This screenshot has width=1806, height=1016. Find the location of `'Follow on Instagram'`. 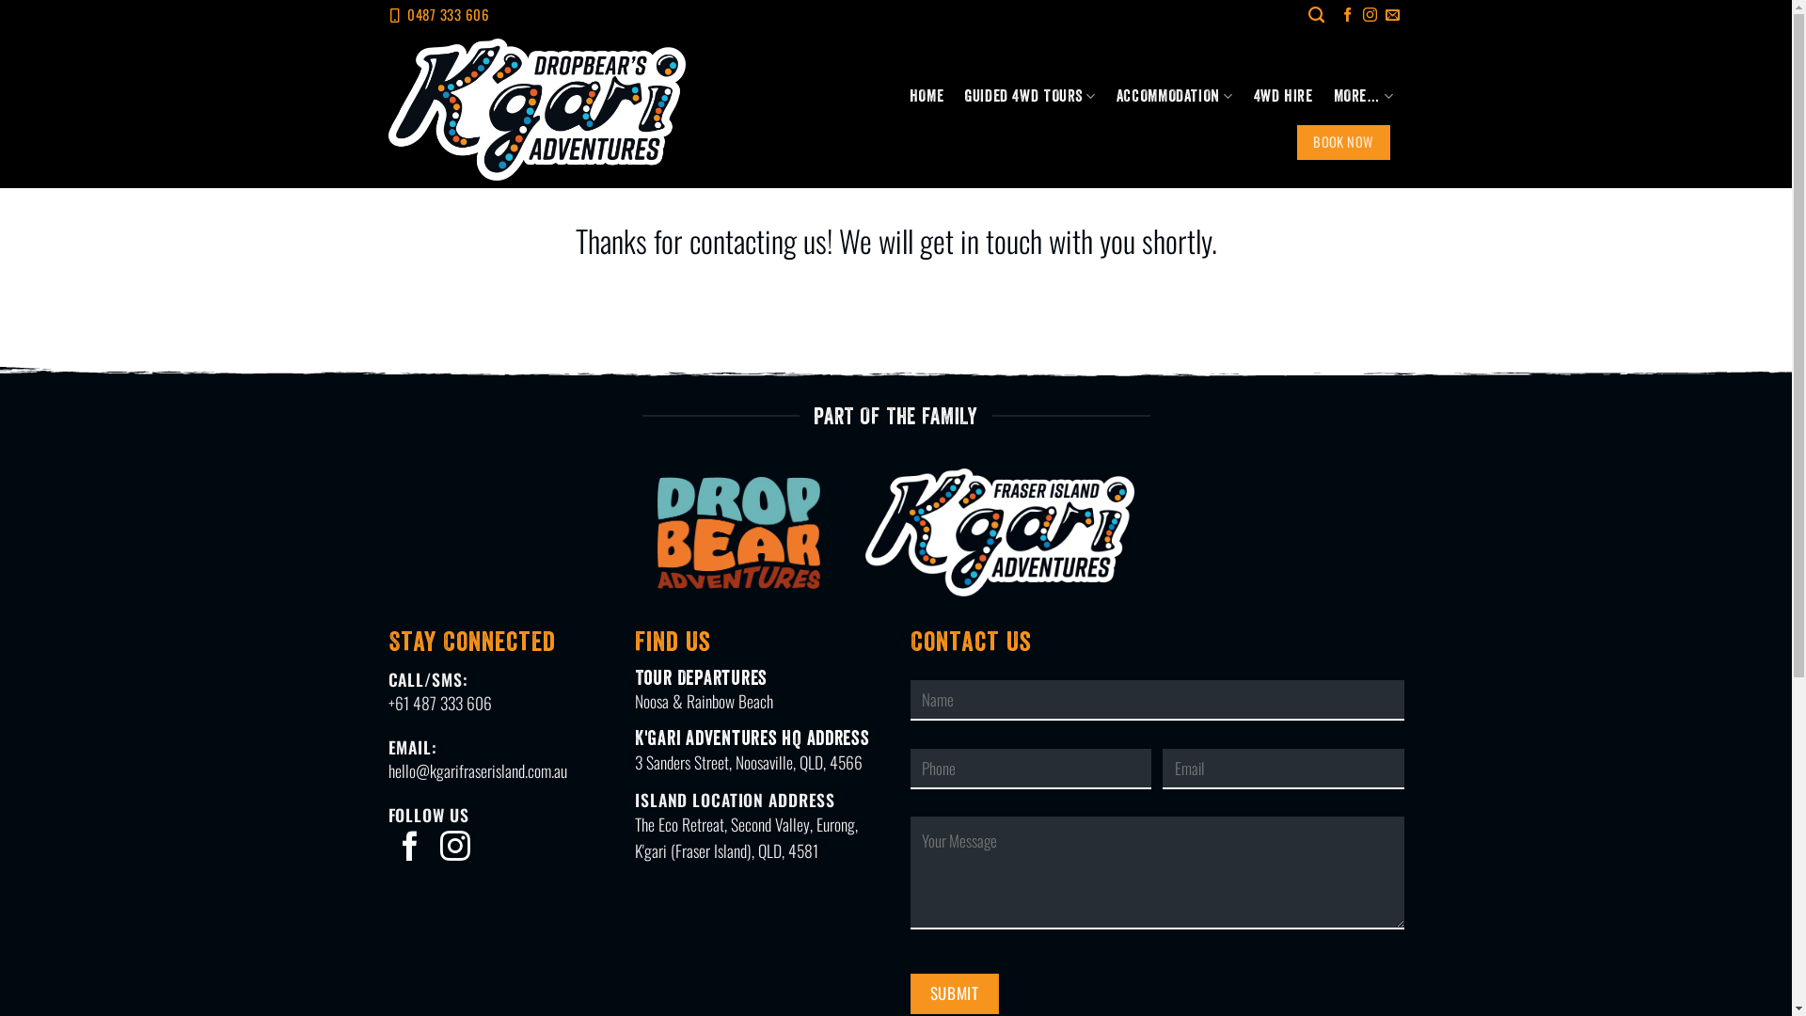

'Follow on Instagram' is located at coordinates (455, 849).